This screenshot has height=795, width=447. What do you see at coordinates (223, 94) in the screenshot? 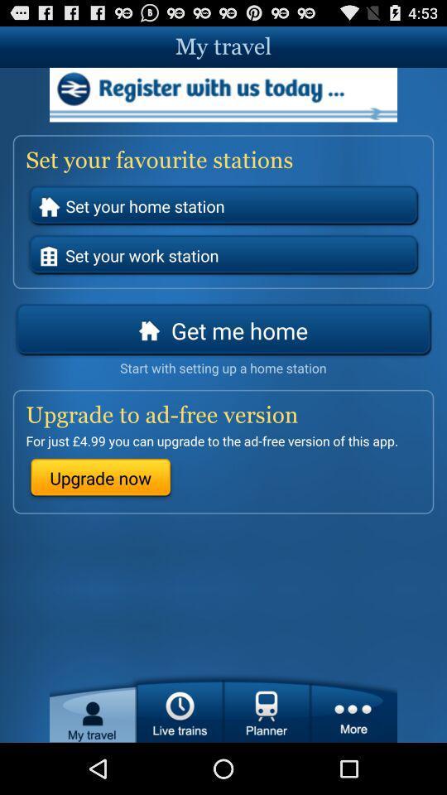
I see `register` at bounding box center [223, 94].